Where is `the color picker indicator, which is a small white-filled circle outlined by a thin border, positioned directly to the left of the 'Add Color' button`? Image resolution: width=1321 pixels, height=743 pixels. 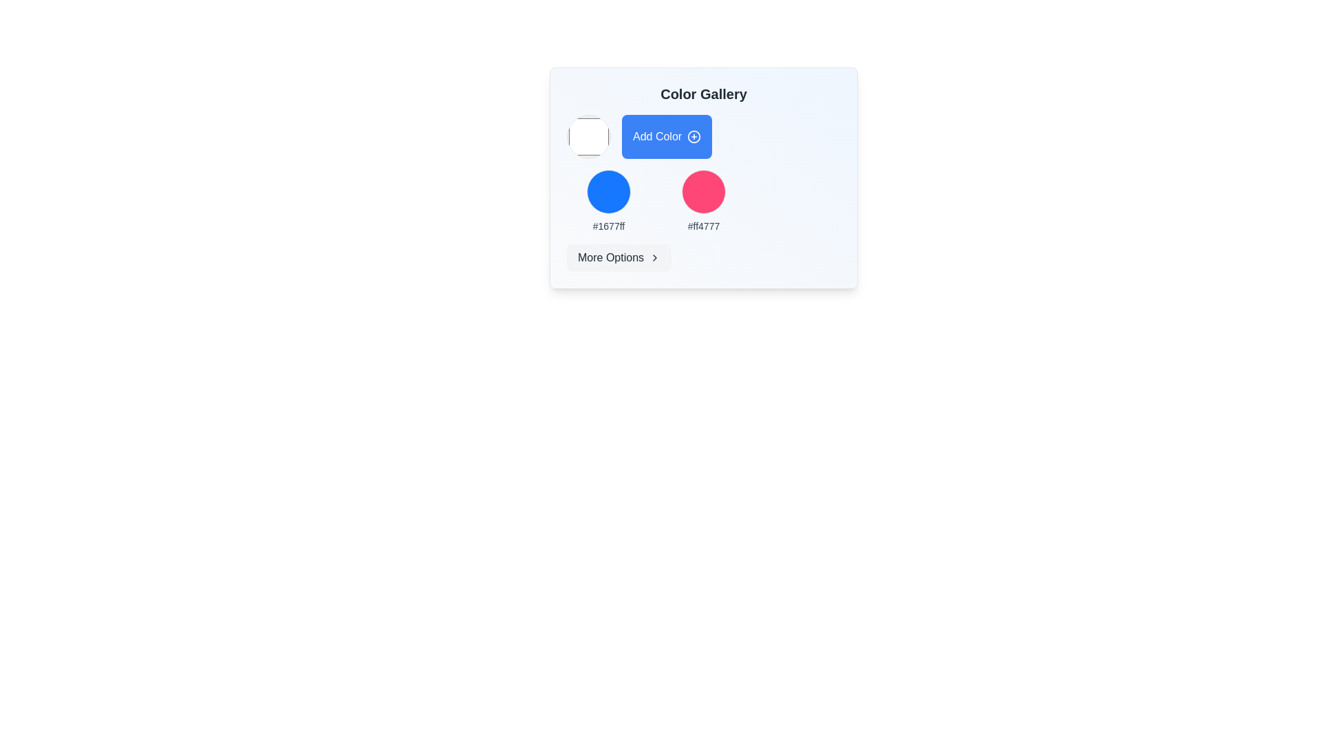
the color picker indicator, which is a small white-filled circle outlined by a thin border, positioned directly to the left of the 'Add Color' button is located at coordinates (588, 137).